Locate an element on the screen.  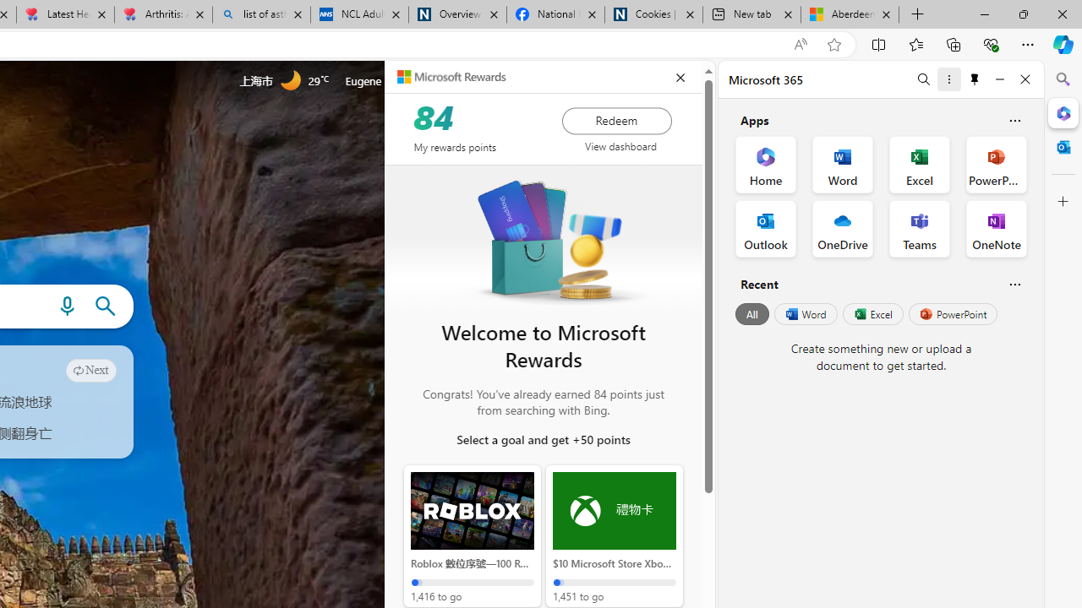
'Cookies | About | NICE' is located at coordinates (653, 14).